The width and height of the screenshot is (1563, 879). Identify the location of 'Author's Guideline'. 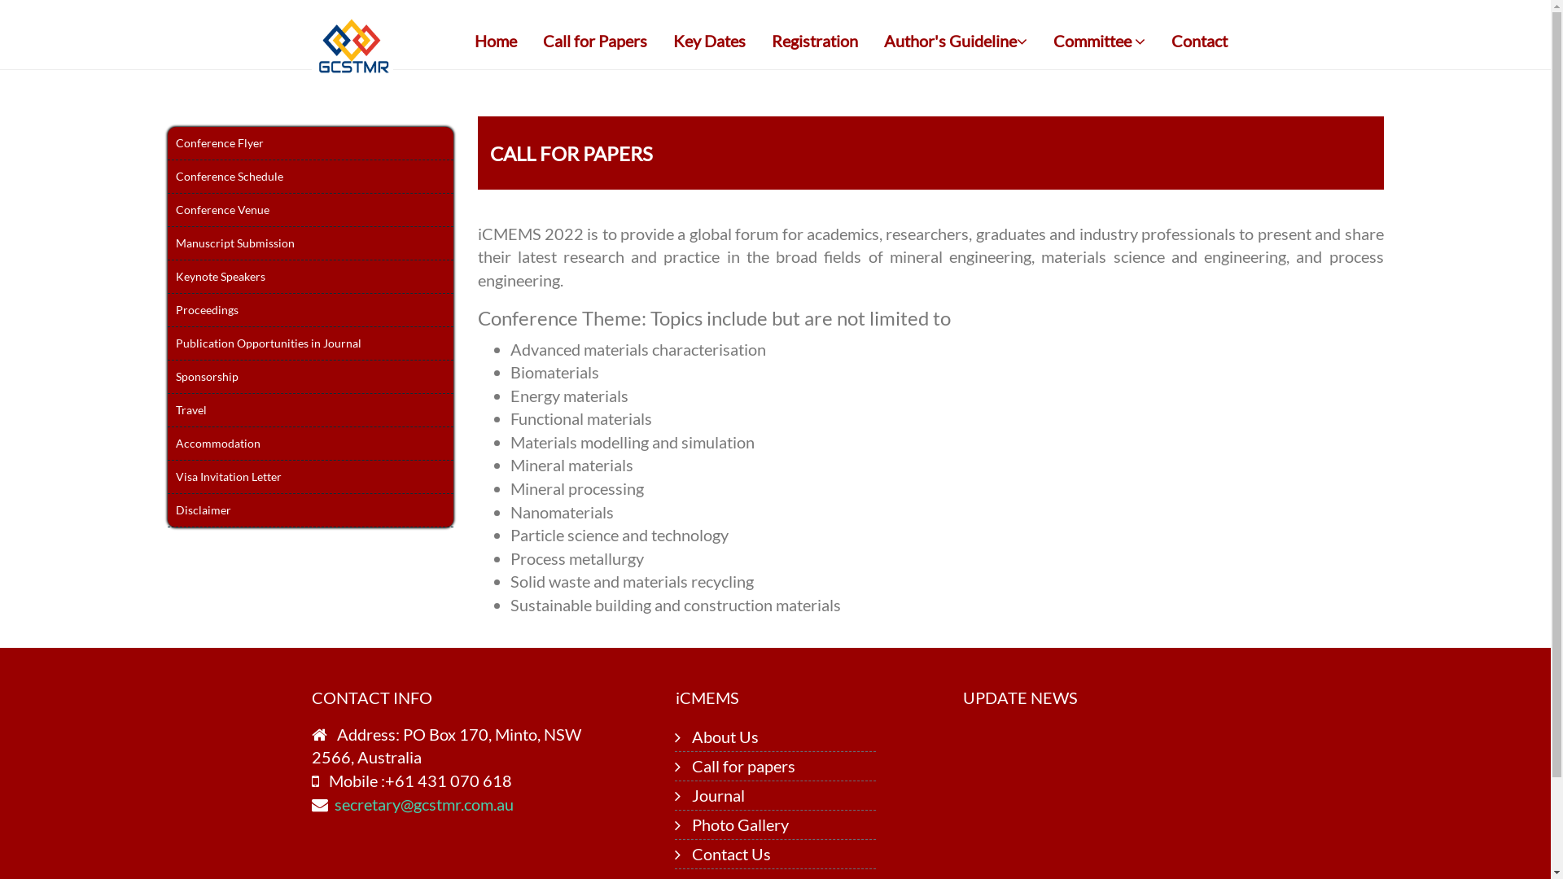
(954, 40).